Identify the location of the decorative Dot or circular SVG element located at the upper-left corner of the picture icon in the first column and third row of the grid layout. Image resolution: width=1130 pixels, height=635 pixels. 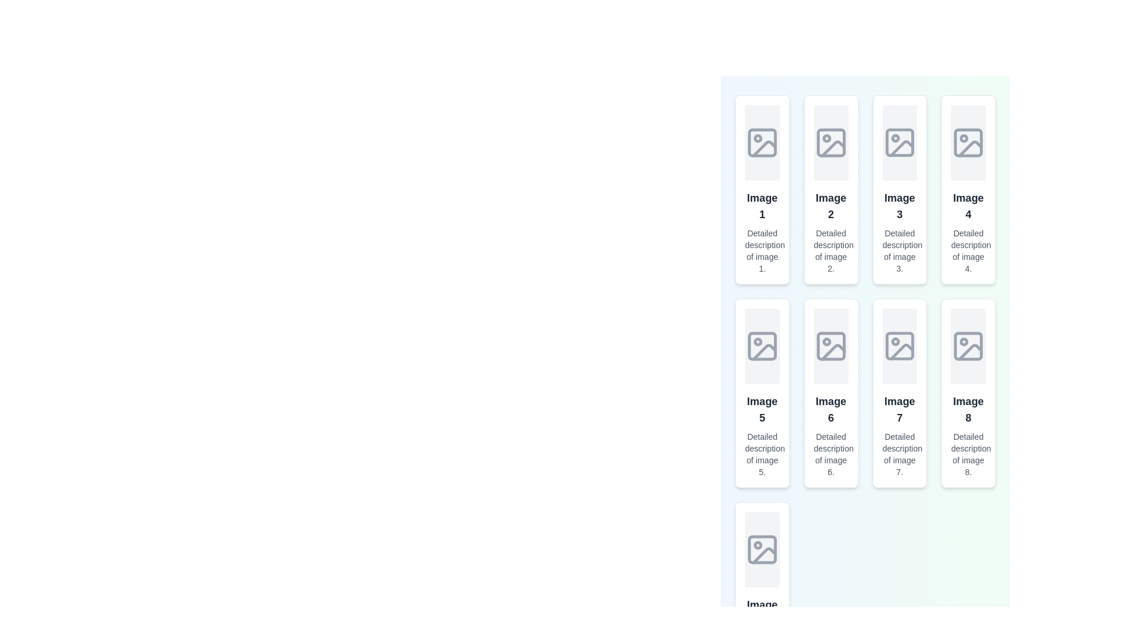
(757, 545).